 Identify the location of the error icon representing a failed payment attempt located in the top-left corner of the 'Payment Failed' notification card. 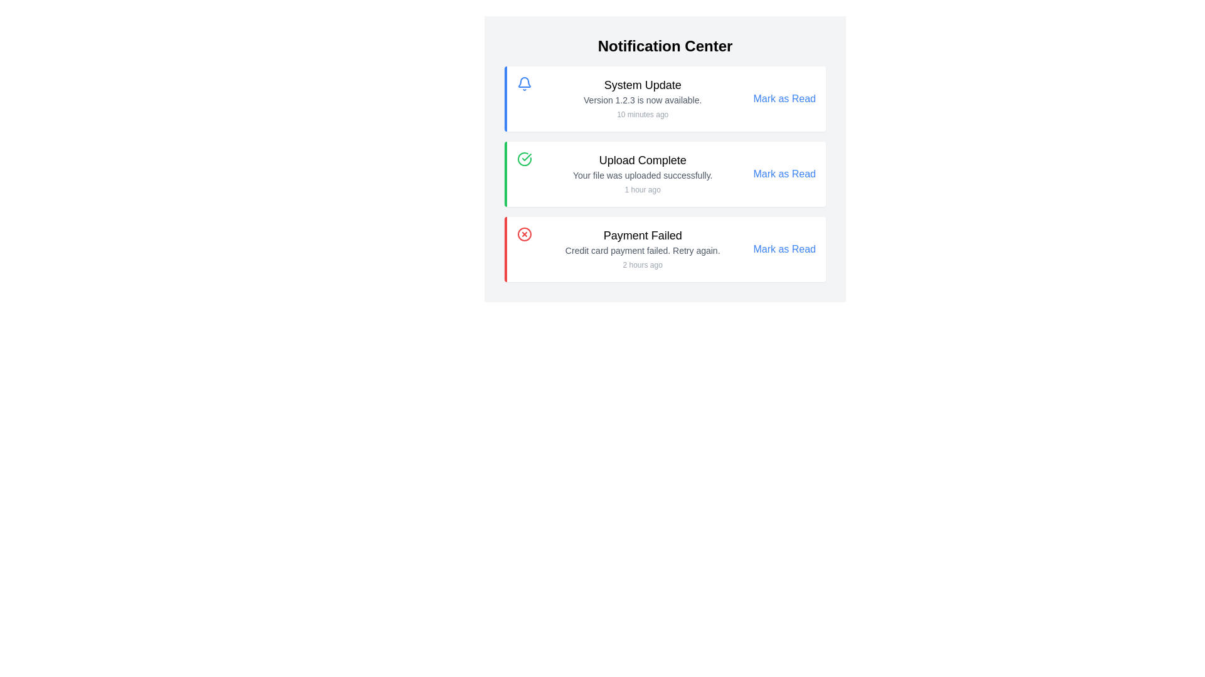
(524, 234).